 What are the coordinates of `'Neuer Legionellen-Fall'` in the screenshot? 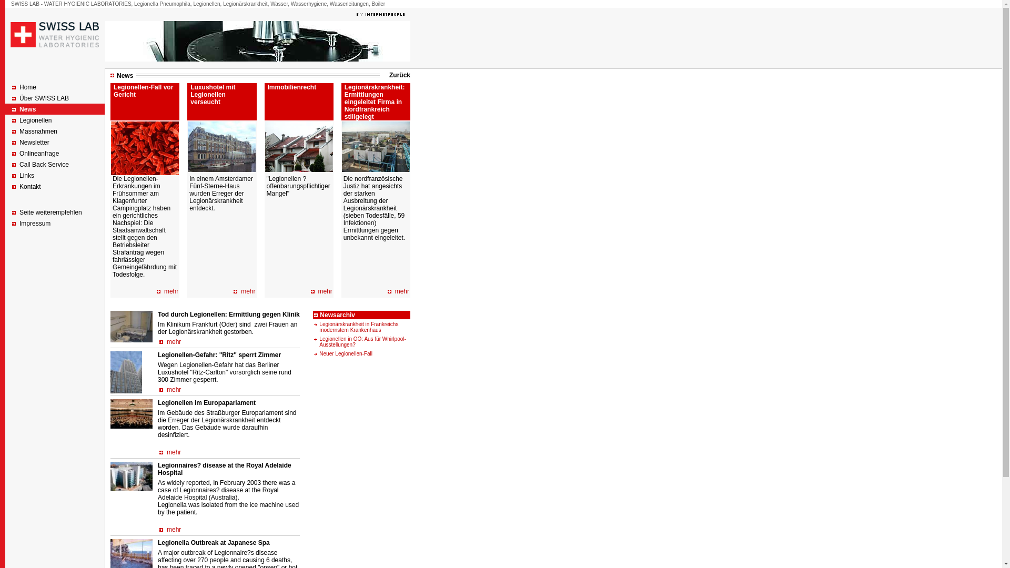 It's located at (346, 353).